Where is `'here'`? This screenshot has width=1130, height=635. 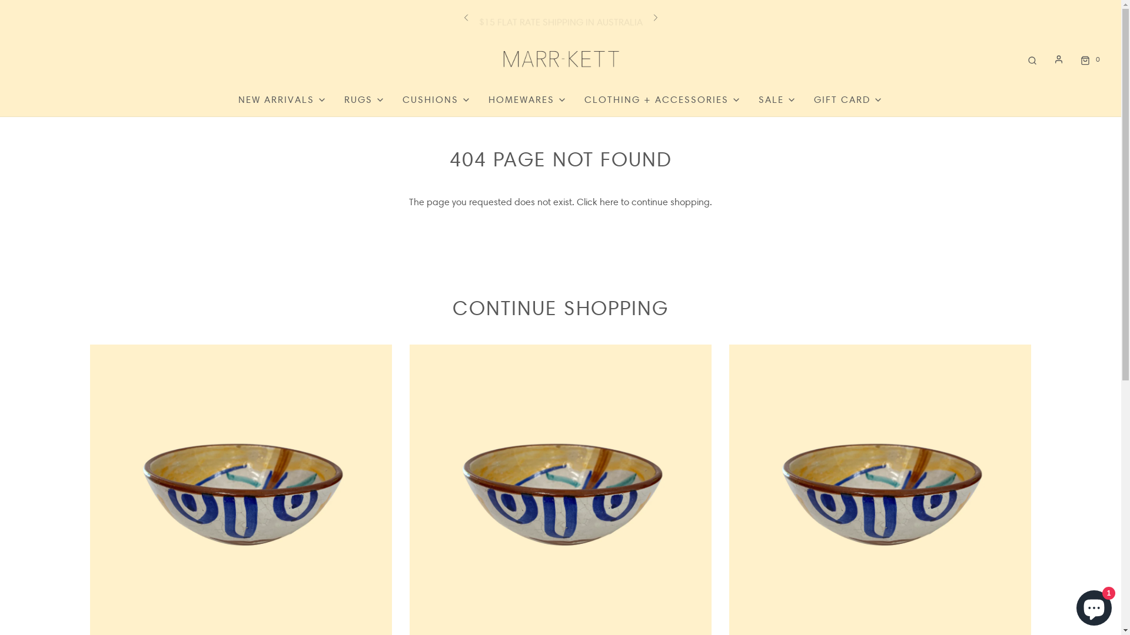 'here' is located at coordinates (609, 201).